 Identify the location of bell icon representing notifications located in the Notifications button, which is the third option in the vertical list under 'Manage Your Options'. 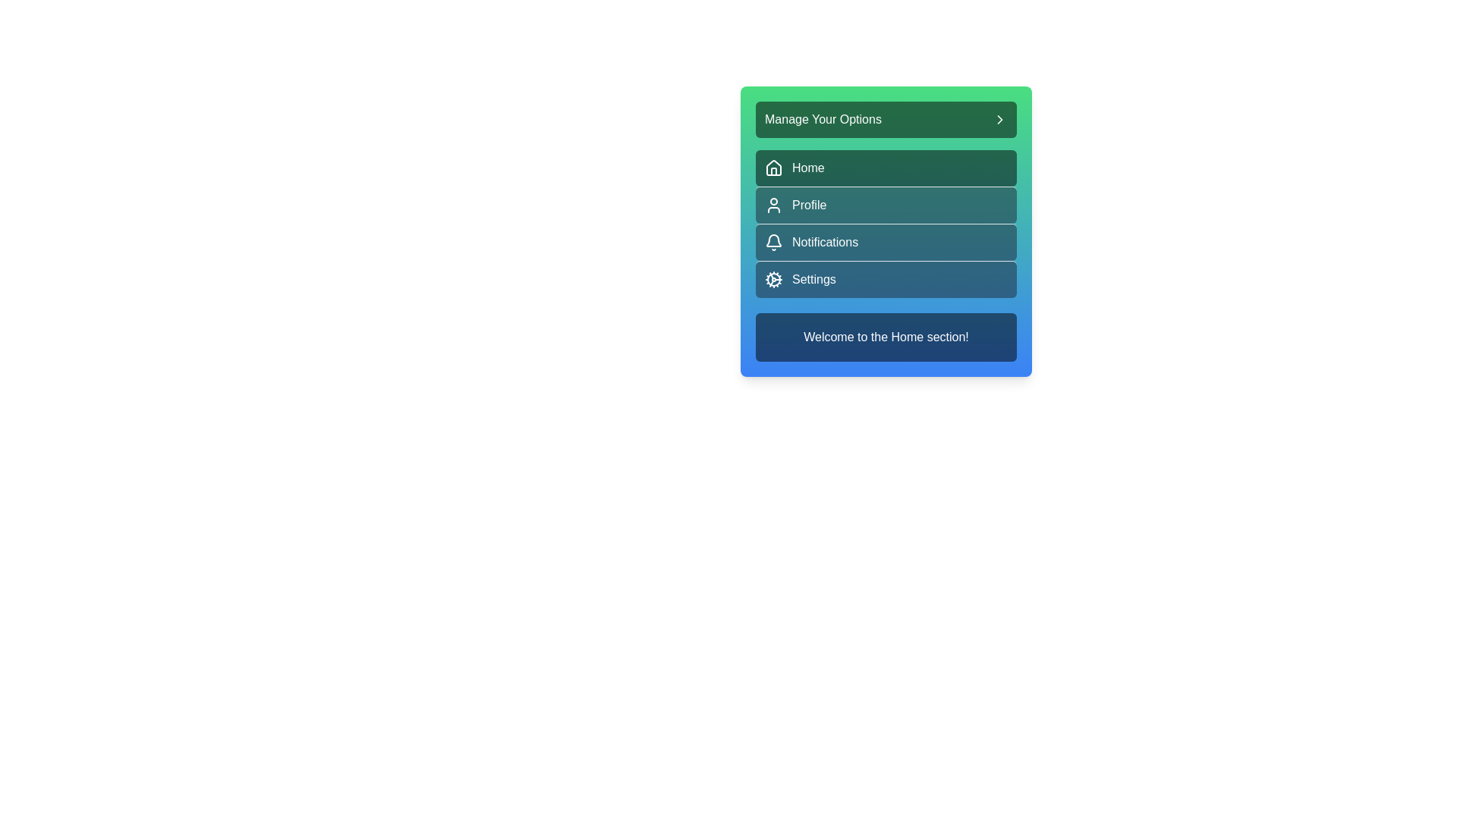
(773, 240).